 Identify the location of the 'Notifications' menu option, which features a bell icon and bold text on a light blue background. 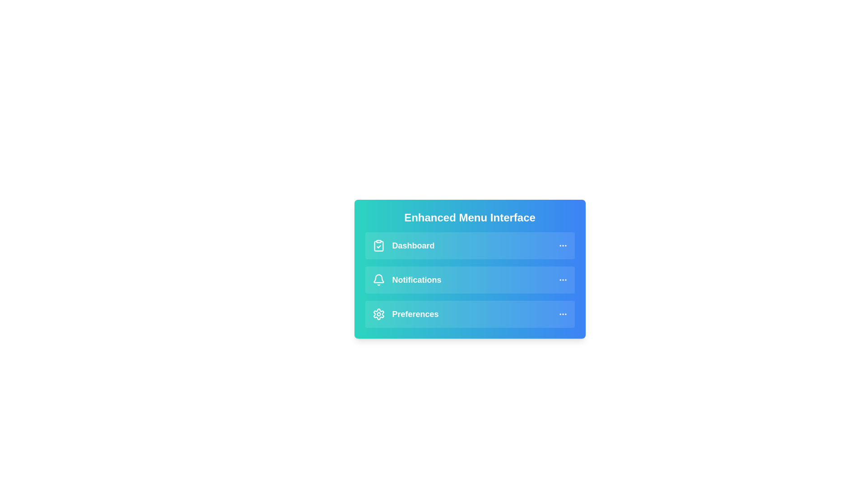
(406, 280).